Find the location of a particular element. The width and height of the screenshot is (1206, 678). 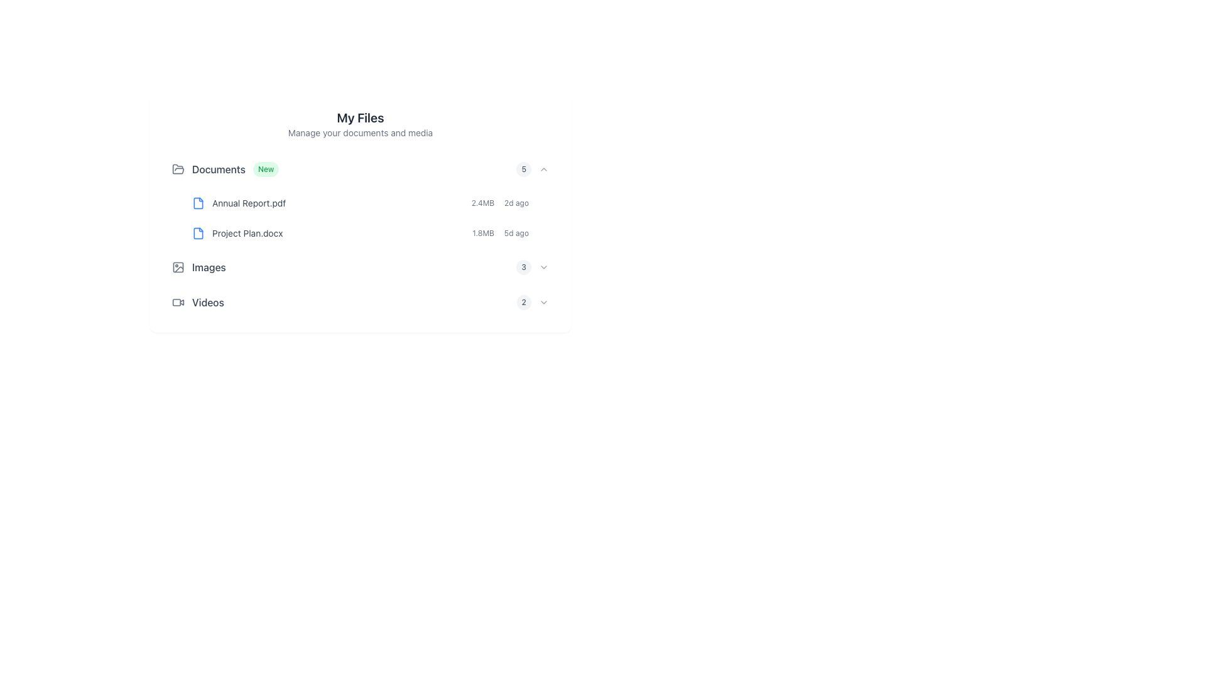

the list item representing the 'Documents' folder, which has a folder icon, the text 'Documents' in medium gray font, and a 'New' badge in green font is located at coordinates (225, 169).